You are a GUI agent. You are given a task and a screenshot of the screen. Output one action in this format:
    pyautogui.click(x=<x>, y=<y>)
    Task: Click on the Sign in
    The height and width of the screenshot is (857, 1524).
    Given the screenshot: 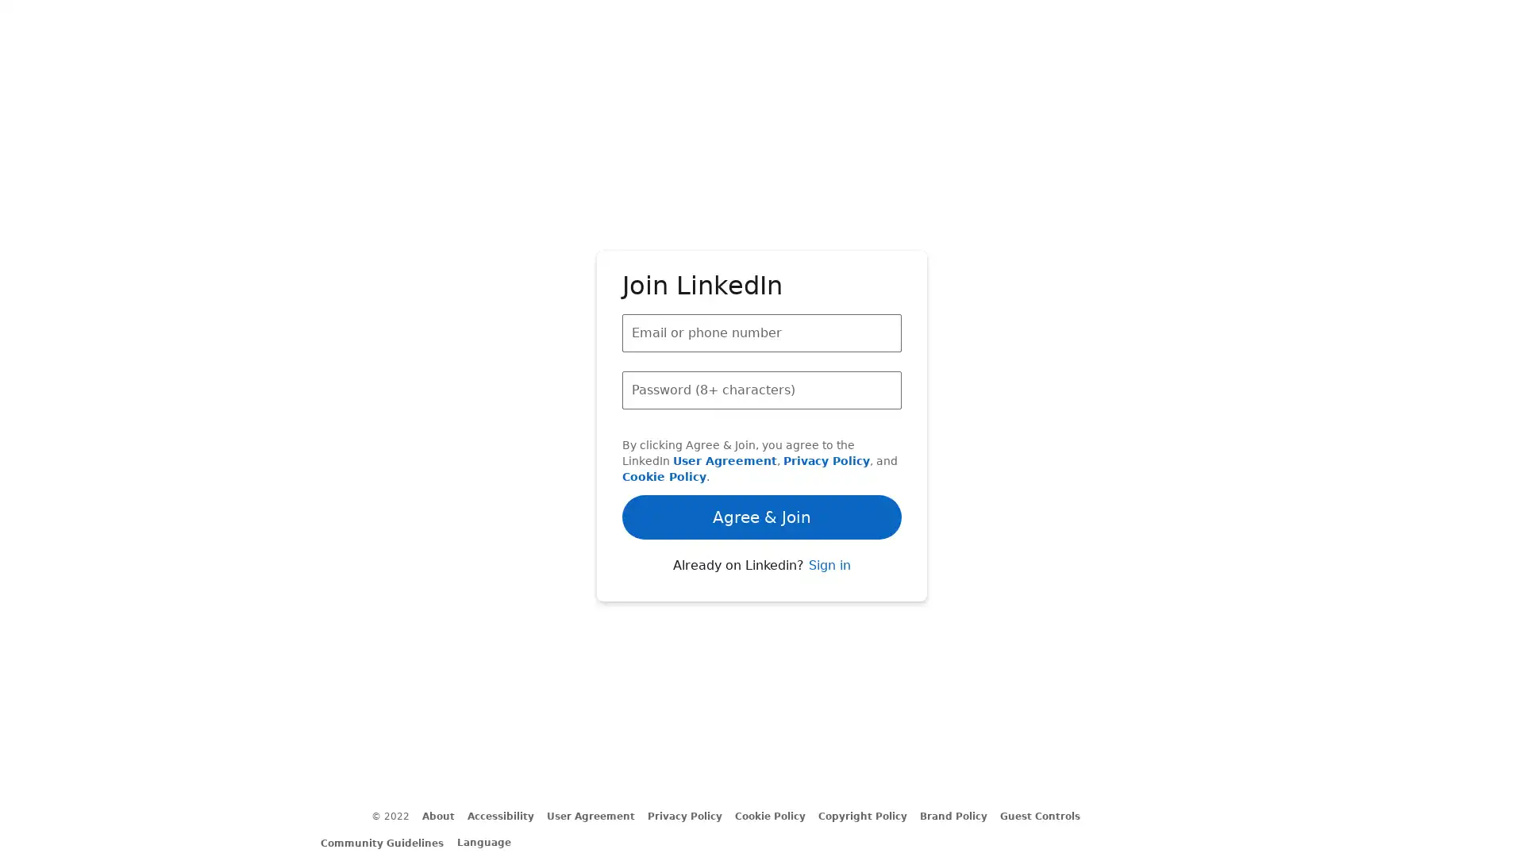 What is the action you would take?
    pyautogui.click(x=828, y=608)
    